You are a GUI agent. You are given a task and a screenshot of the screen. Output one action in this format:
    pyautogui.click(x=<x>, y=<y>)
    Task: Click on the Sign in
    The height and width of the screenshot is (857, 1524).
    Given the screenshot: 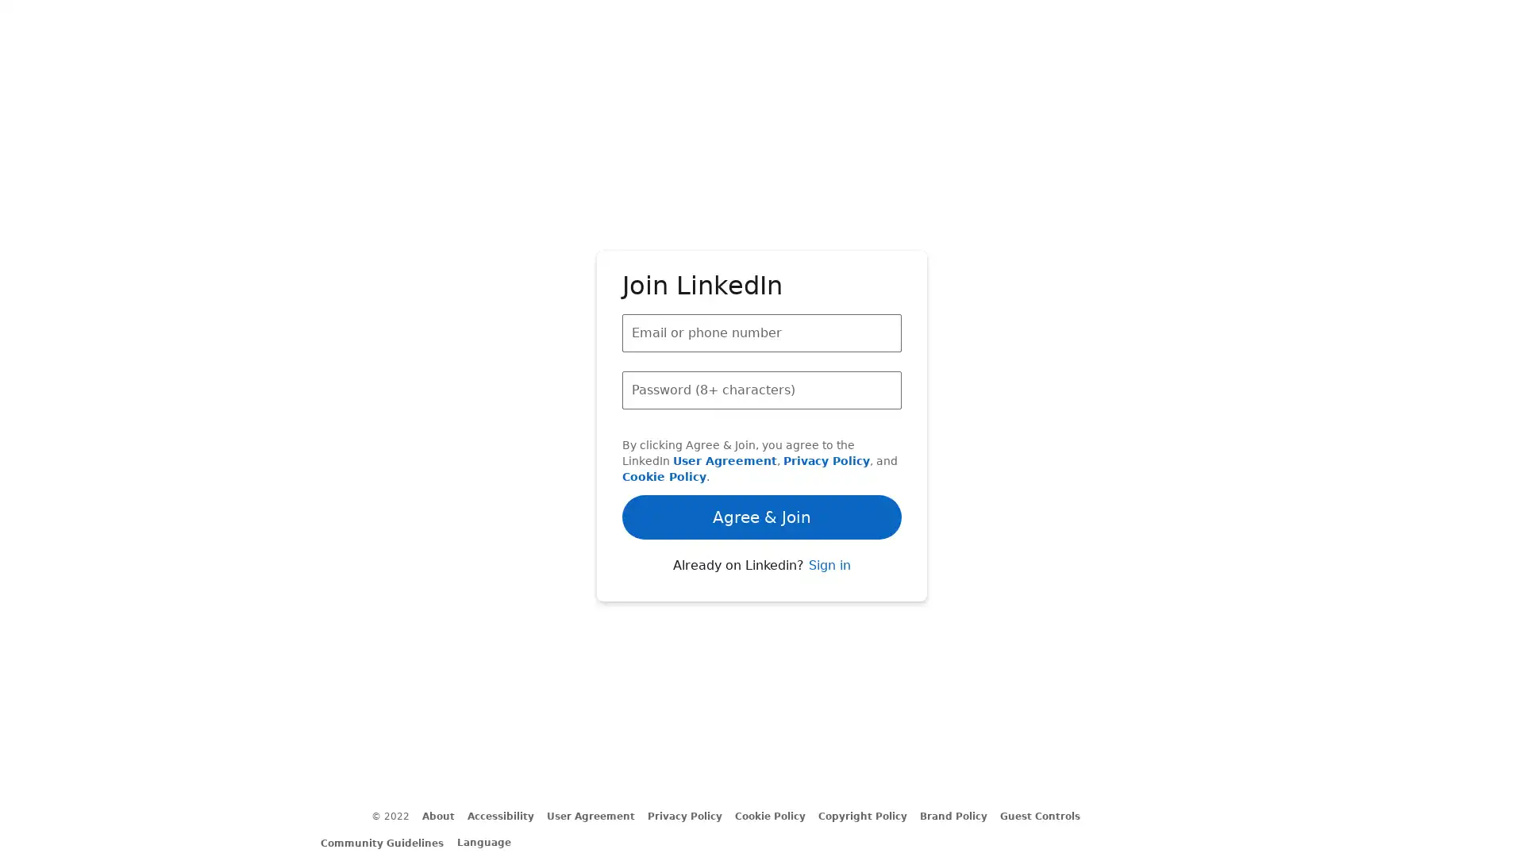 What is the action you would take?
    pyautogui.click(x=828, y=608)
    